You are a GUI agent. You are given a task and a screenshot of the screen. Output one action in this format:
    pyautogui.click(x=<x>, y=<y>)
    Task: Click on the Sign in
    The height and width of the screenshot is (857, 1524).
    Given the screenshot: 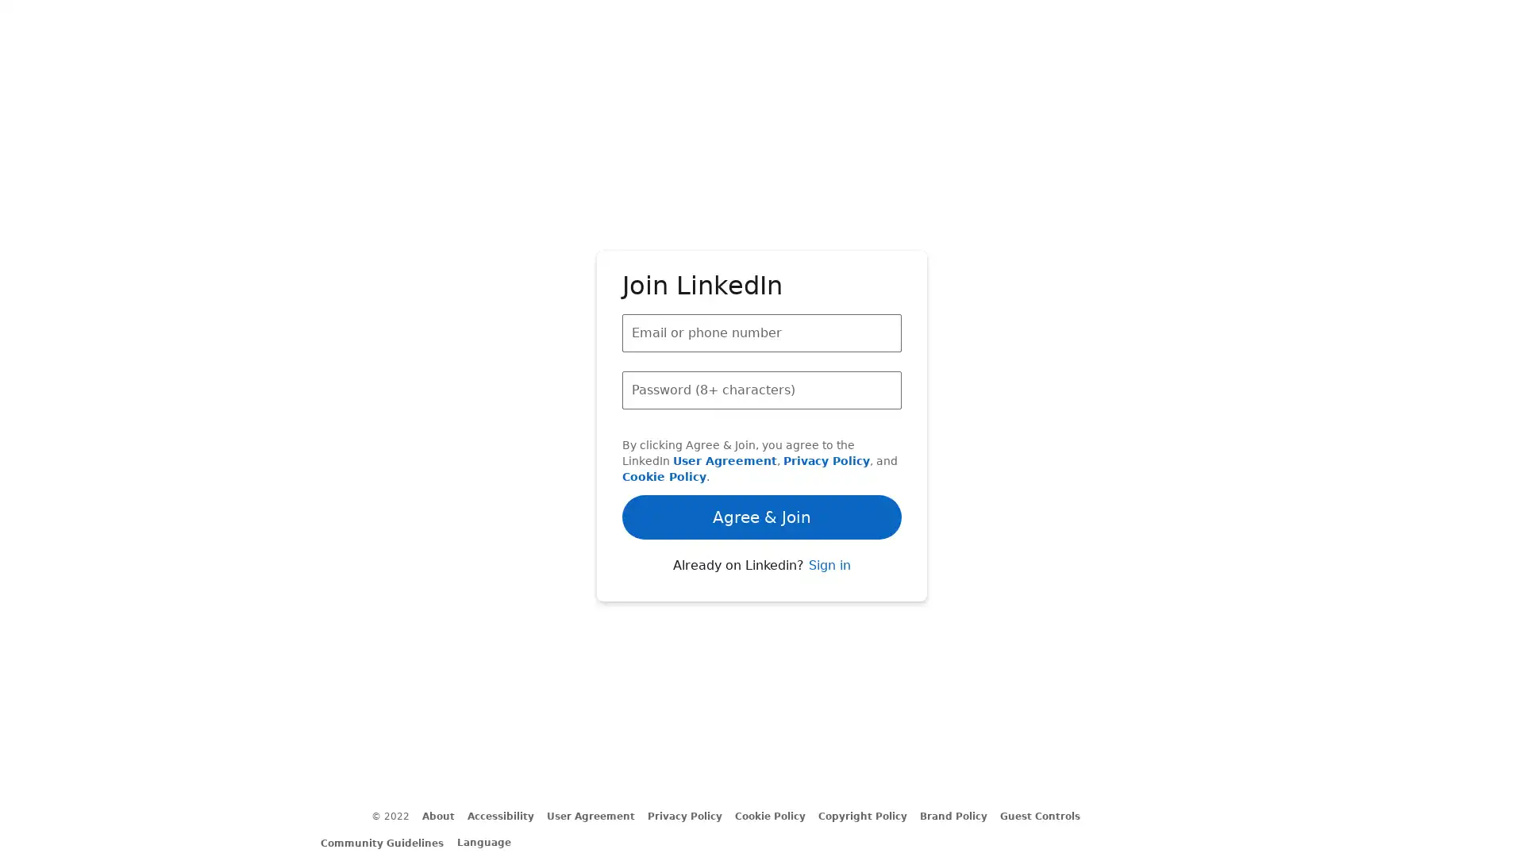 What is the action you would take?
    pyautogui.click(x=828, y=608)
    